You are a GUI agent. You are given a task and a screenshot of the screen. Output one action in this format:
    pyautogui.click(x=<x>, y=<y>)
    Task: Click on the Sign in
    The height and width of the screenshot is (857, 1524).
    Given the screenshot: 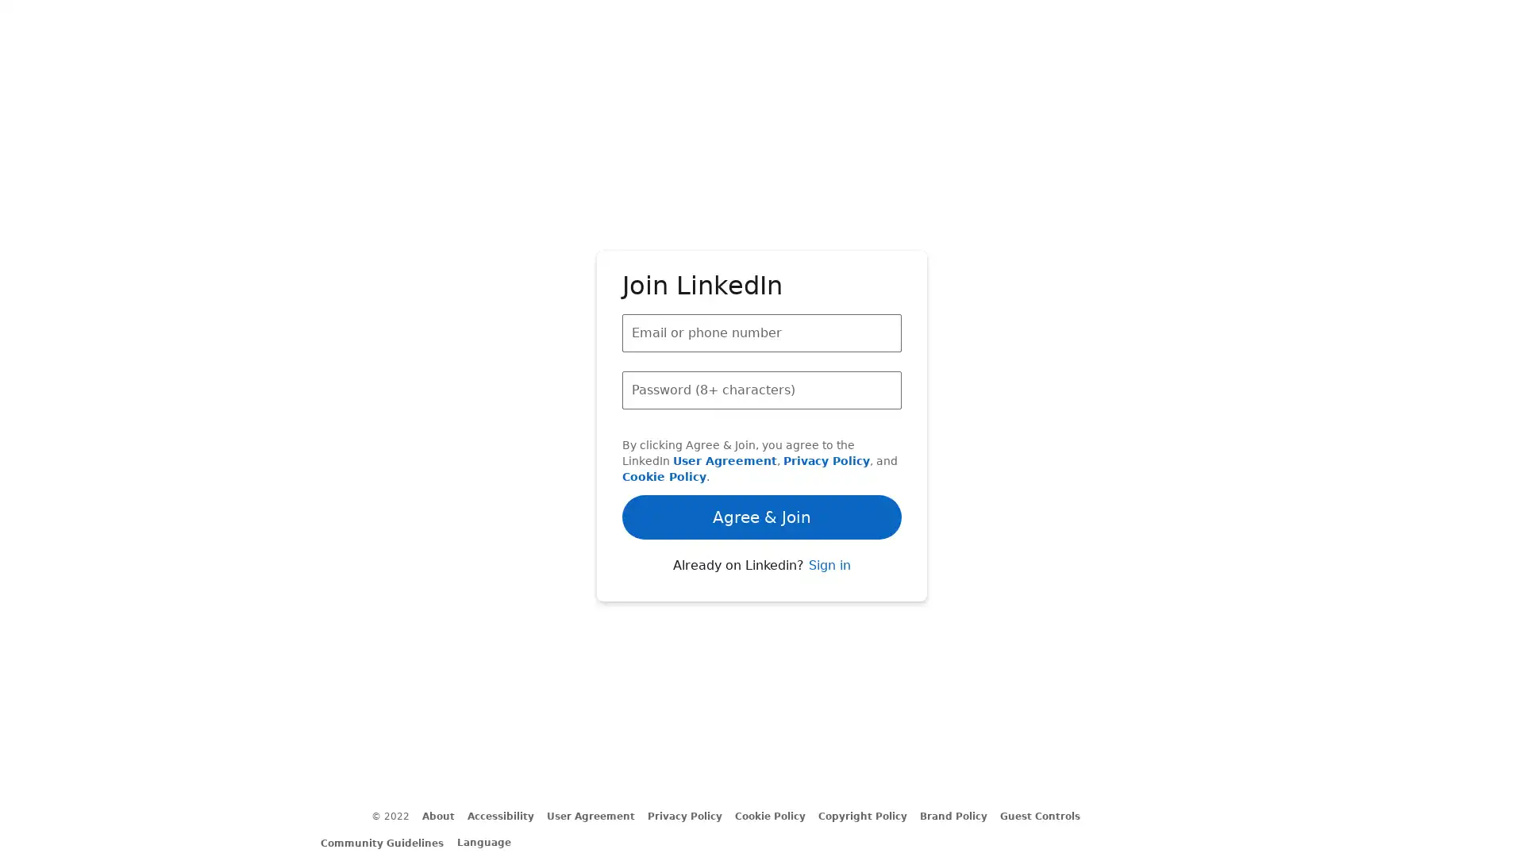 What is the action you would take?
    pyautogui.click(x=828, y=608)
    